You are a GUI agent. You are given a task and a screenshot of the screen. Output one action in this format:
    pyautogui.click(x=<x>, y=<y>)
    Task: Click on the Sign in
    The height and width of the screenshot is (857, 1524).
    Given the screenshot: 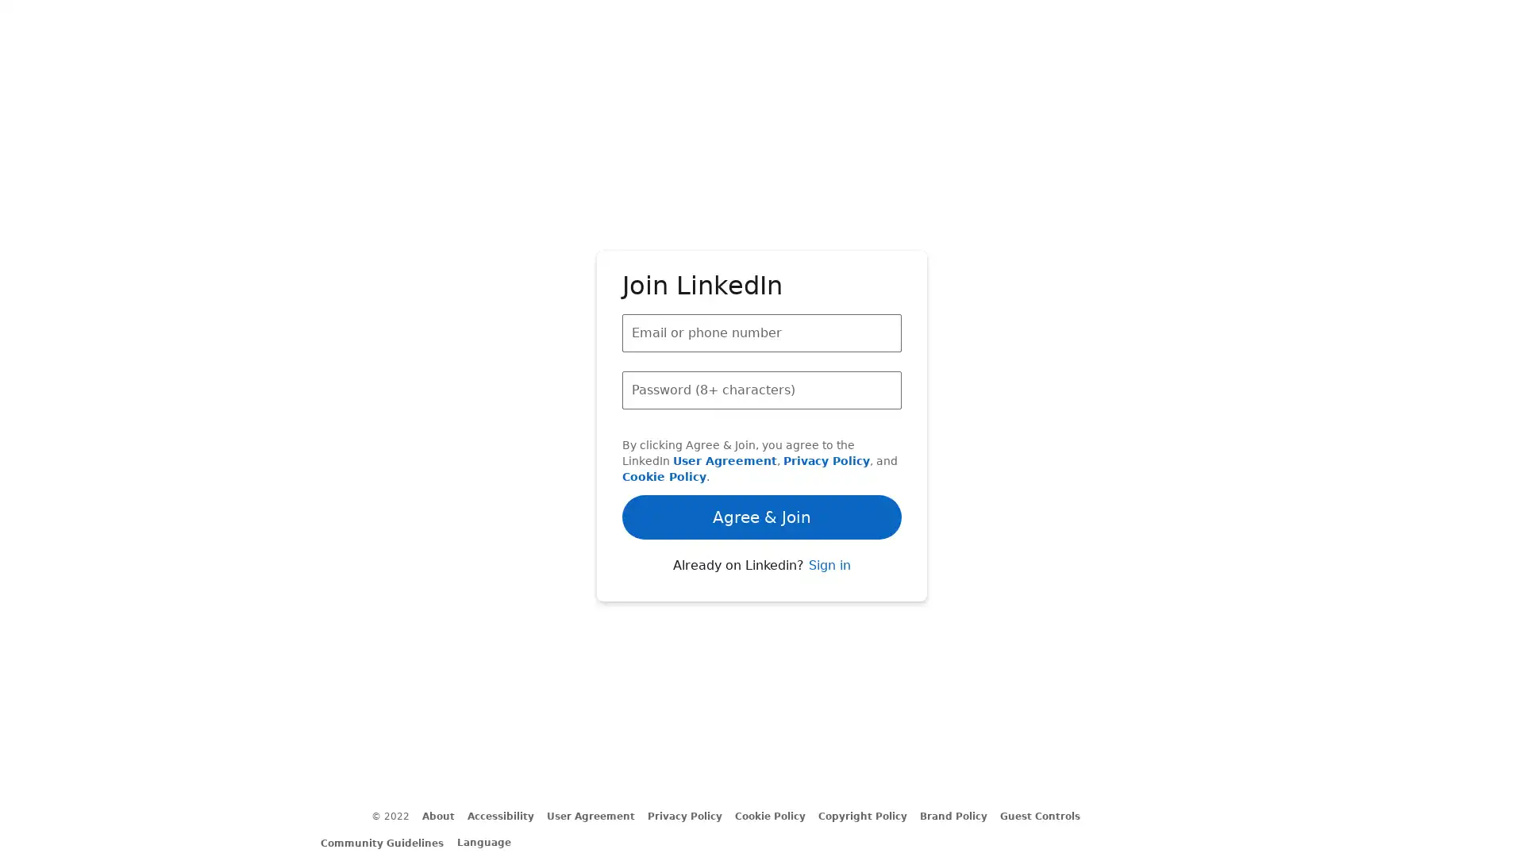 What is the action you would take?
    pyautogui.click(x=828, y=608)
    